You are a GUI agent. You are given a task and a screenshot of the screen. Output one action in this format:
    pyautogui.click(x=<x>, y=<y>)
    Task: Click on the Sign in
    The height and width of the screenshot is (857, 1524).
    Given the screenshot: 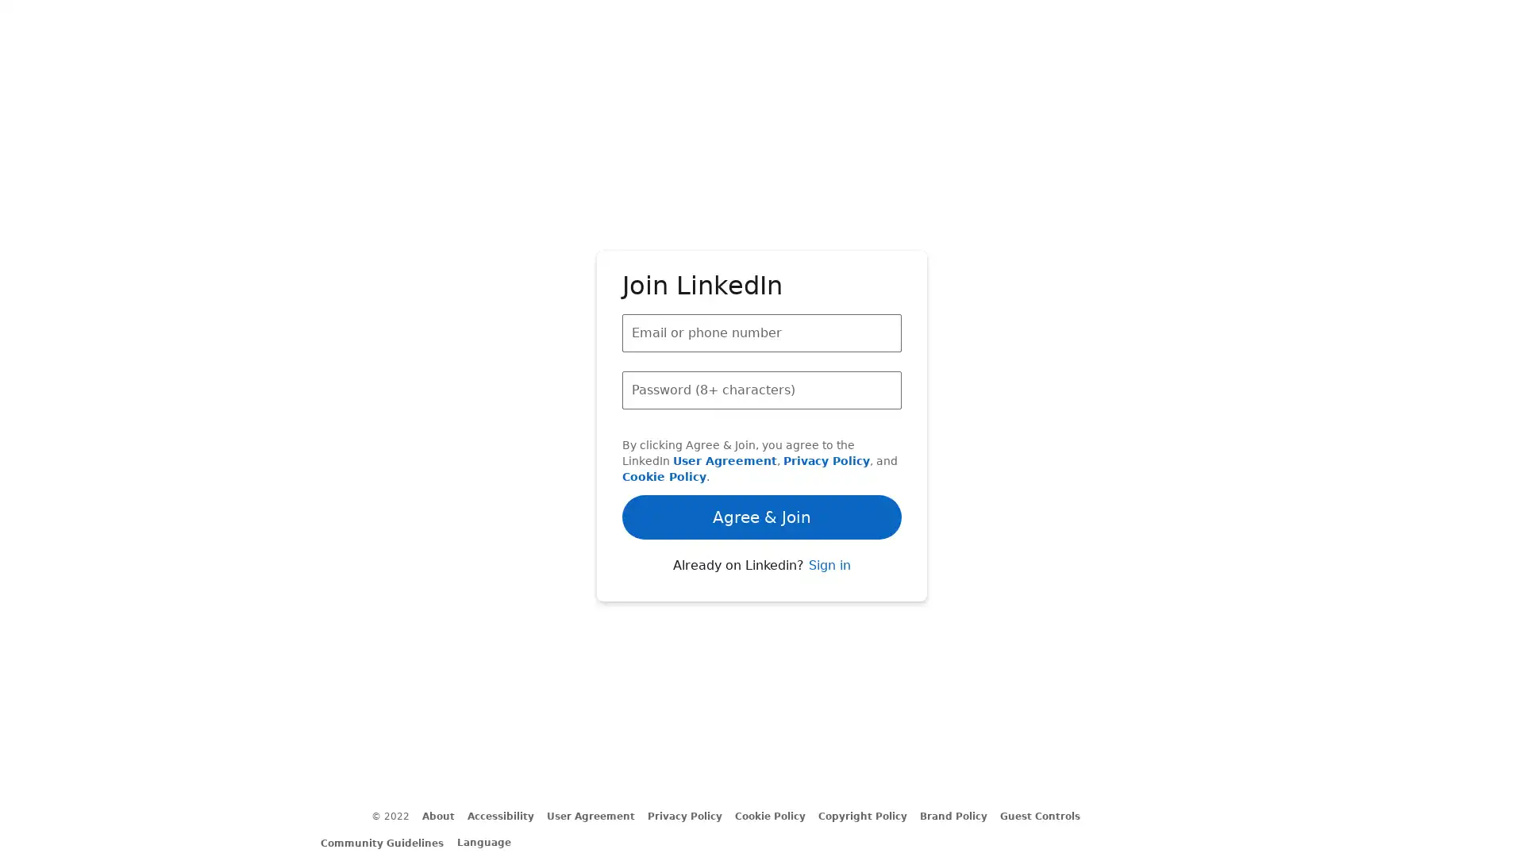 What is the action you would take?
    pyautogui.click(x=828, y=608)
    